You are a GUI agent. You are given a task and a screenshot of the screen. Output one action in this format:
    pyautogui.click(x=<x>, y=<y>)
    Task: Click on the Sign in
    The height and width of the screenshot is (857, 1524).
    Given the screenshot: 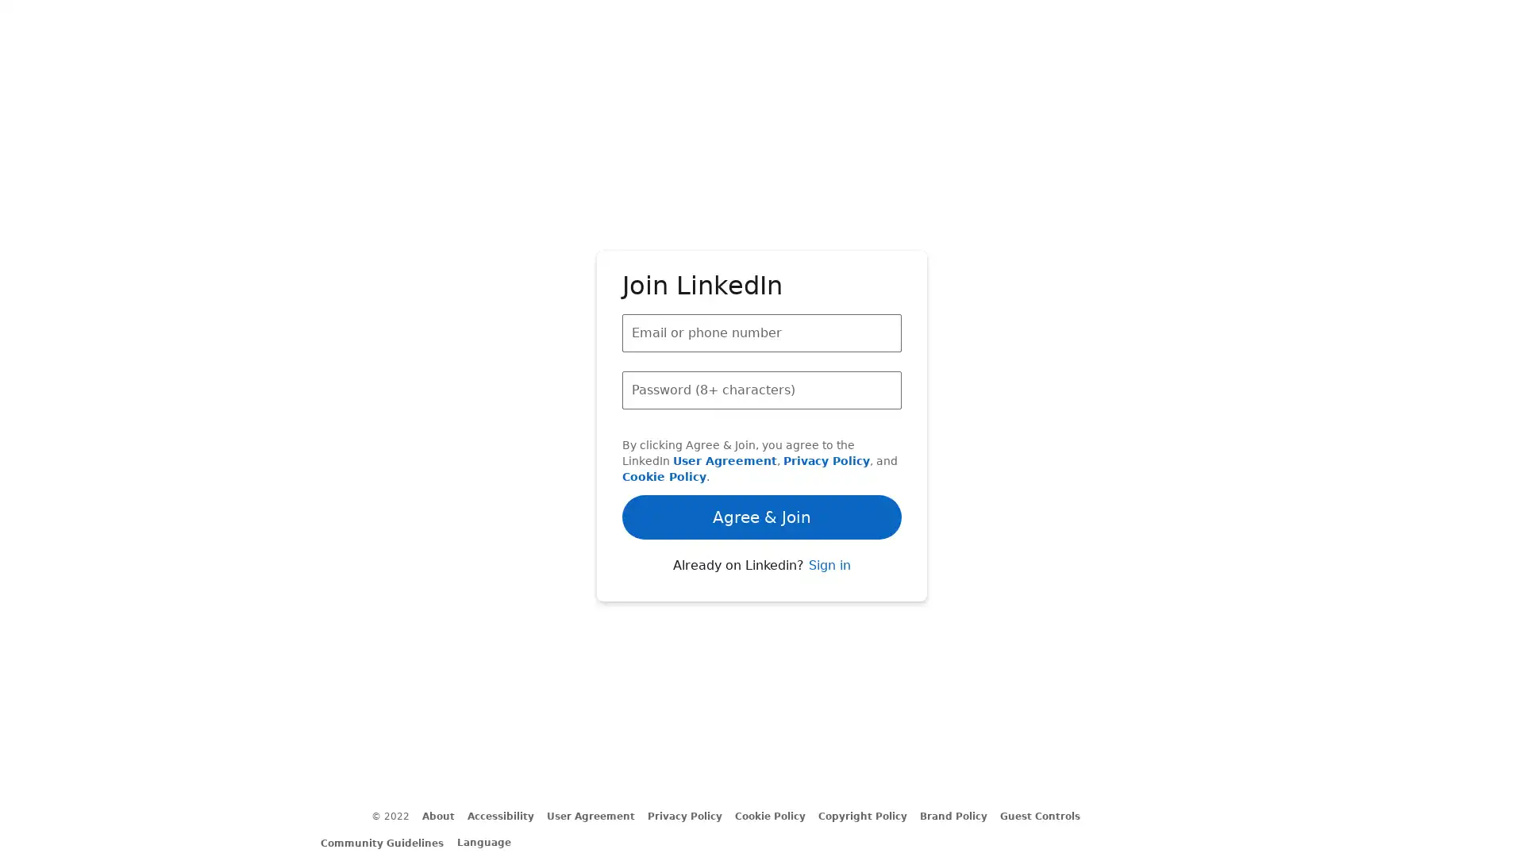 What is the action you would take?
    pyautogui.click(x=828, y=608)
    